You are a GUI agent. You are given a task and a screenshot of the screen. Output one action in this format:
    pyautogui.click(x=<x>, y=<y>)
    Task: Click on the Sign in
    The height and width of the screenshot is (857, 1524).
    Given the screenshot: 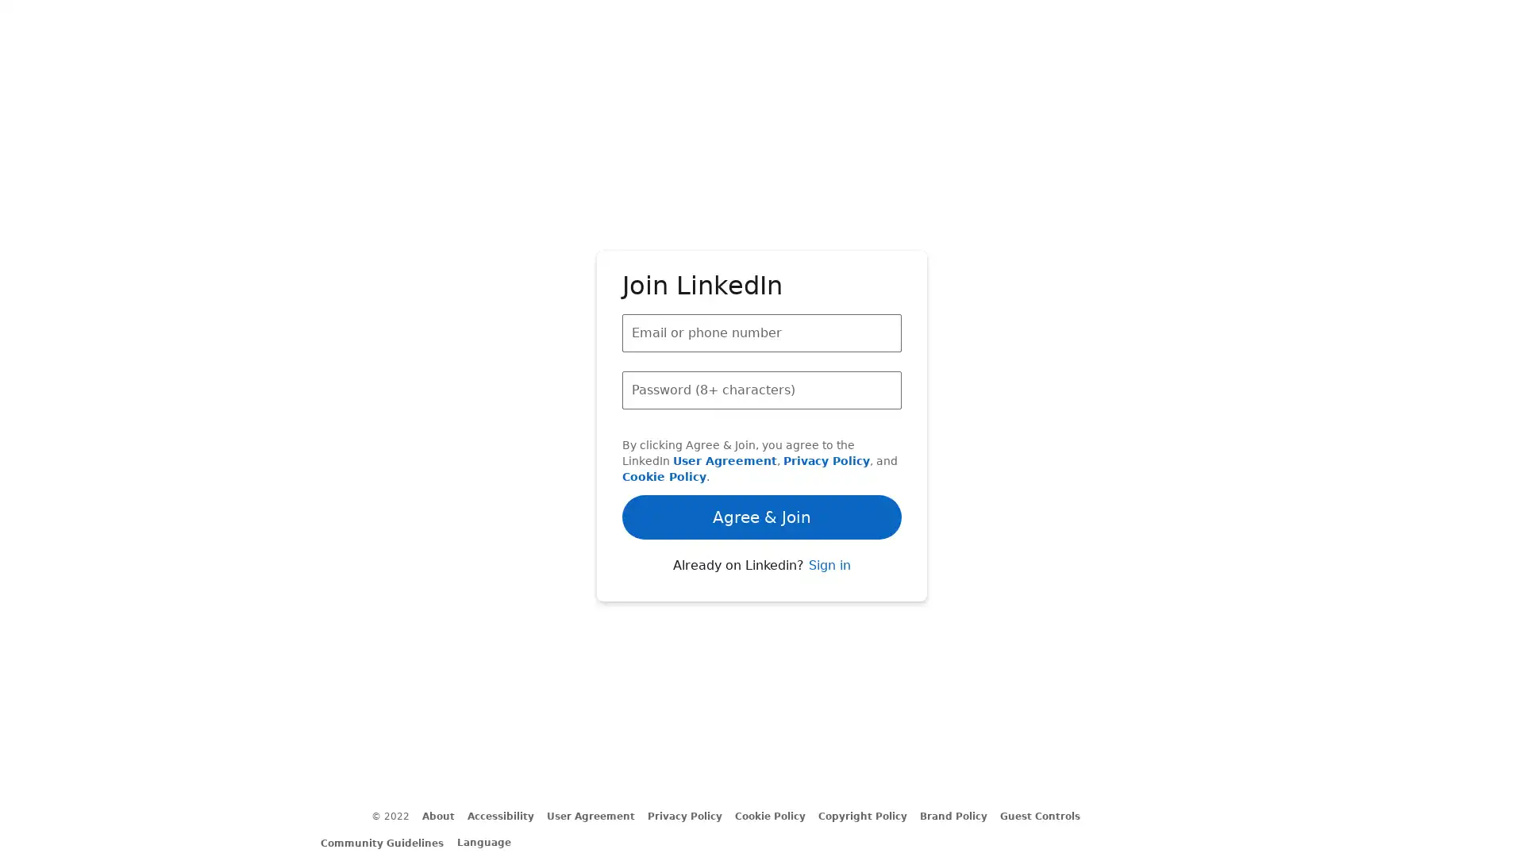 What is the action you would take?
    pyautogui.click(x=828, y=608)
    